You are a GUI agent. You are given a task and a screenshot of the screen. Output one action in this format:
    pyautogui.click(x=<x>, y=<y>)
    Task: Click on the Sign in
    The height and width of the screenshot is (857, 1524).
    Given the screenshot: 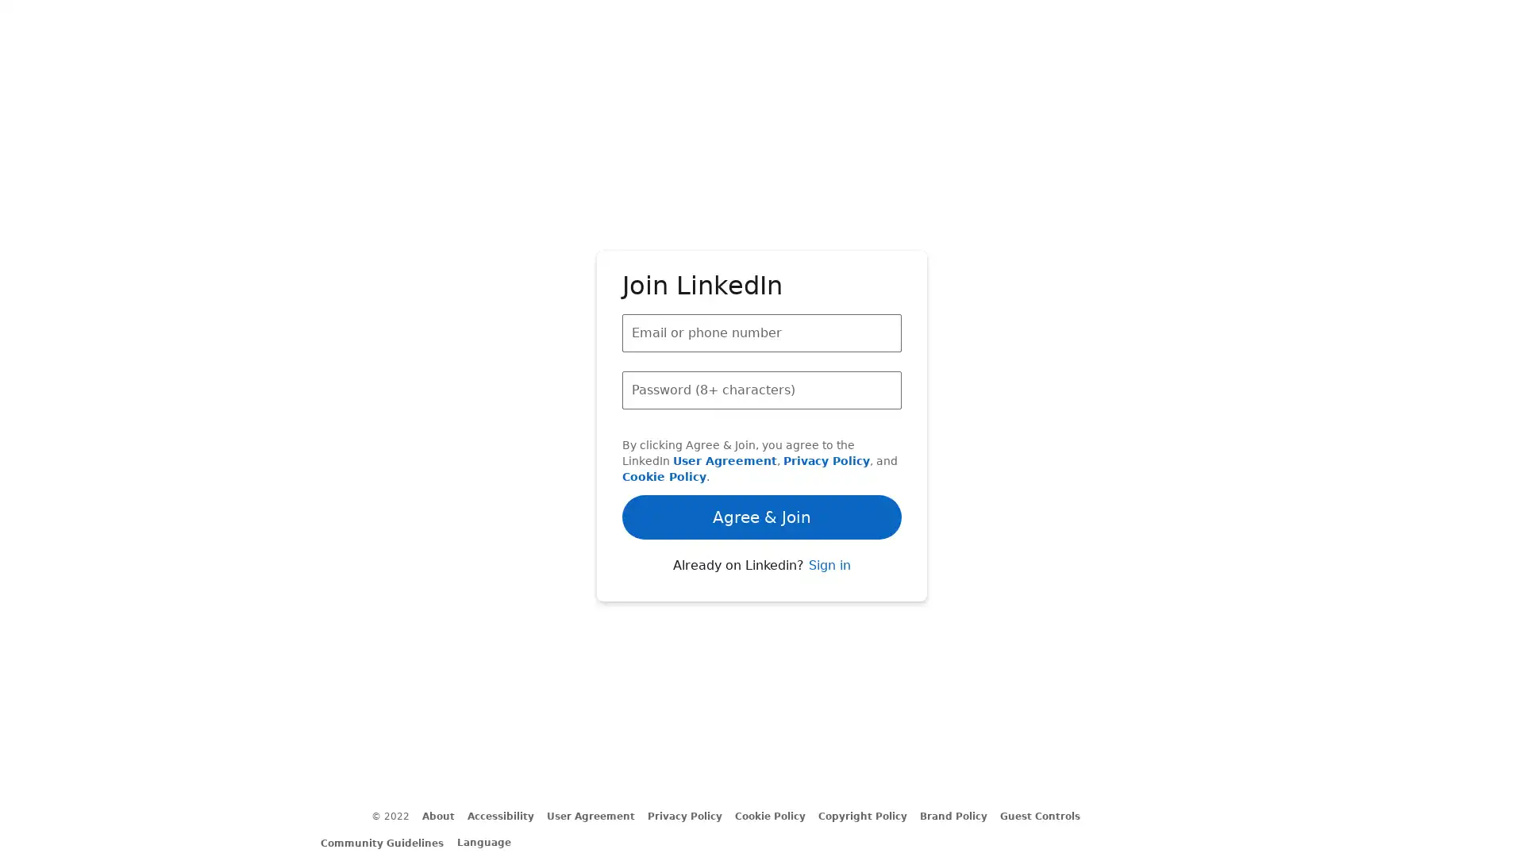 What is the action you would take?
    pyautogui.click(x=828, y=608)
    